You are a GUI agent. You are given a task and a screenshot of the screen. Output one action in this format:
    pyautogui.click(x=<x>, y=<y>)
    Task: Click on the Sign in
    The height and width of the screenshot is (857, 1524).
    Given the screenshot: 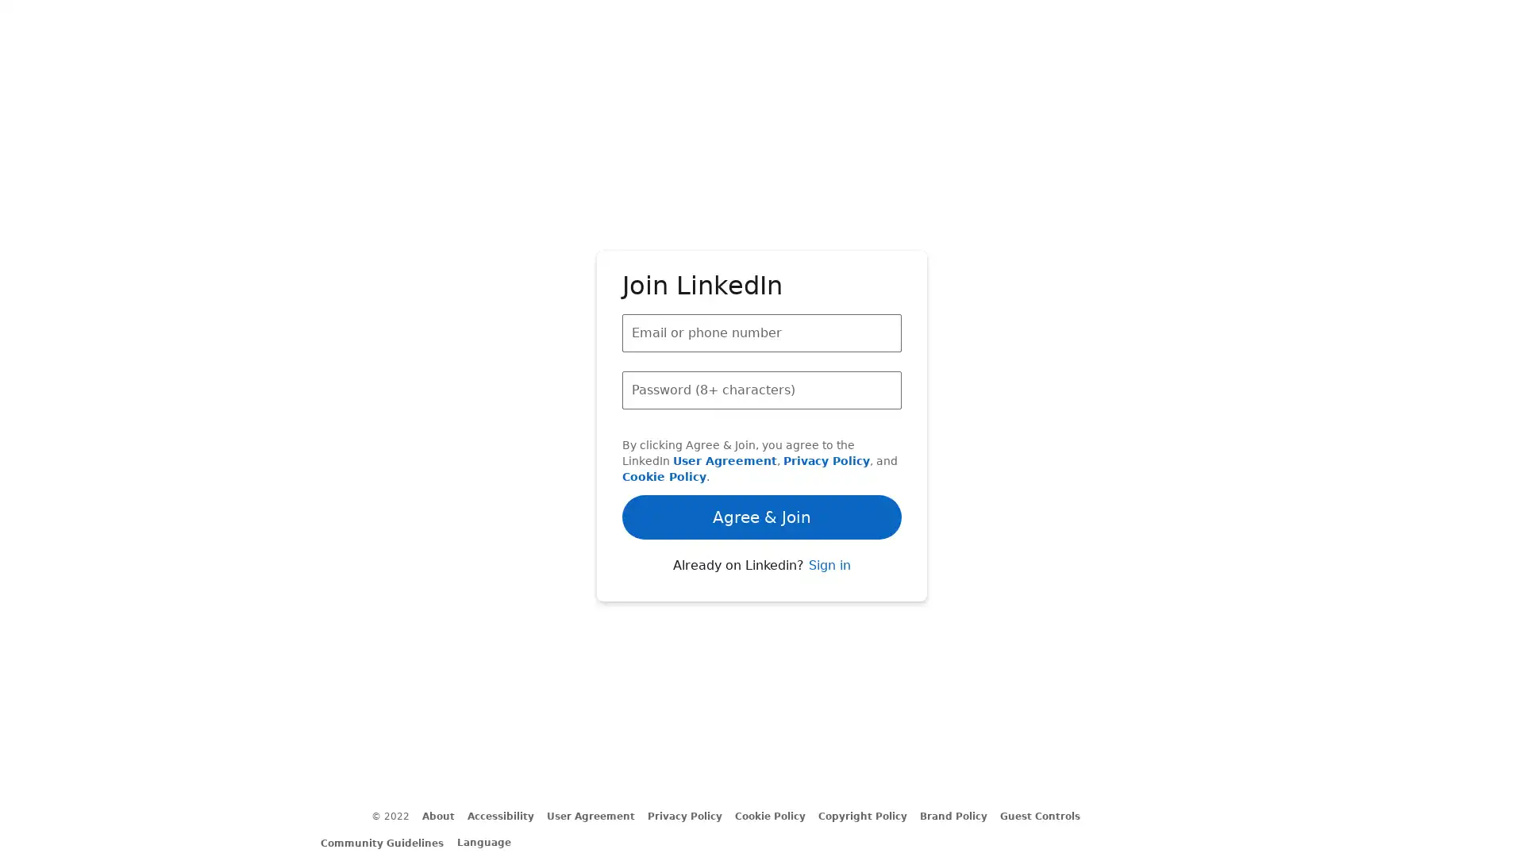 What is the action you would take?
    pyautogui.click(x=828, y=608)
    